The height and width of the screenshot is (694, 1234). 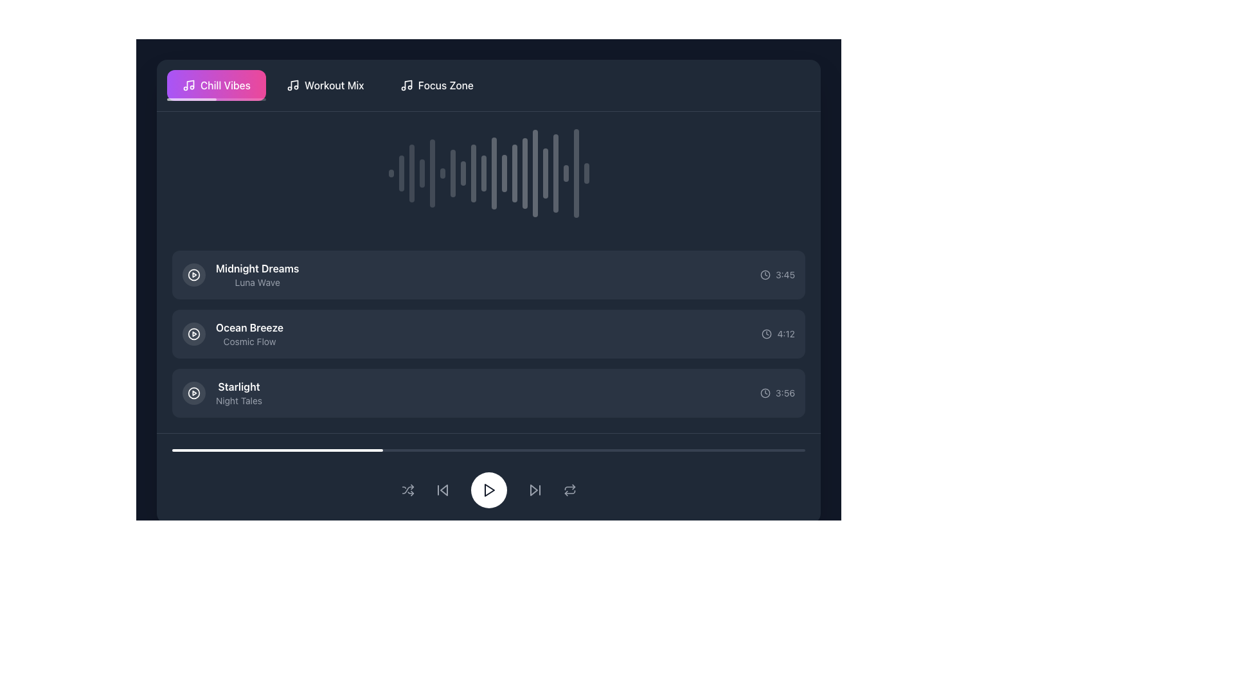 I want to click on text content of the Time Indicator, which displays '3:56' and is located in the third item of a vertical list of tracks, identifiable by its clock icon adjacent to the time duration, so click(x=765, y=393).